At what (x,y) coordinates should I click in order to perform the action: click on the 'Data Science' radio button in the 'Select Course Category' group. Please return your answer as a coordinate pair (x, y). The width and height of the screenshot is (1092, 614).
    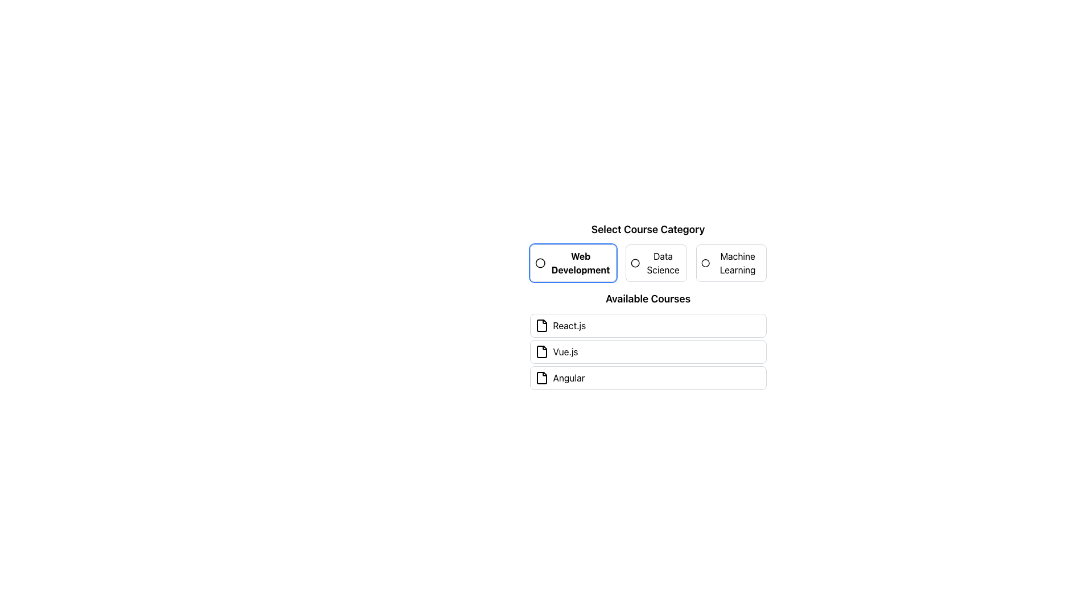
    Looking at the image, I should click on (656, 263).